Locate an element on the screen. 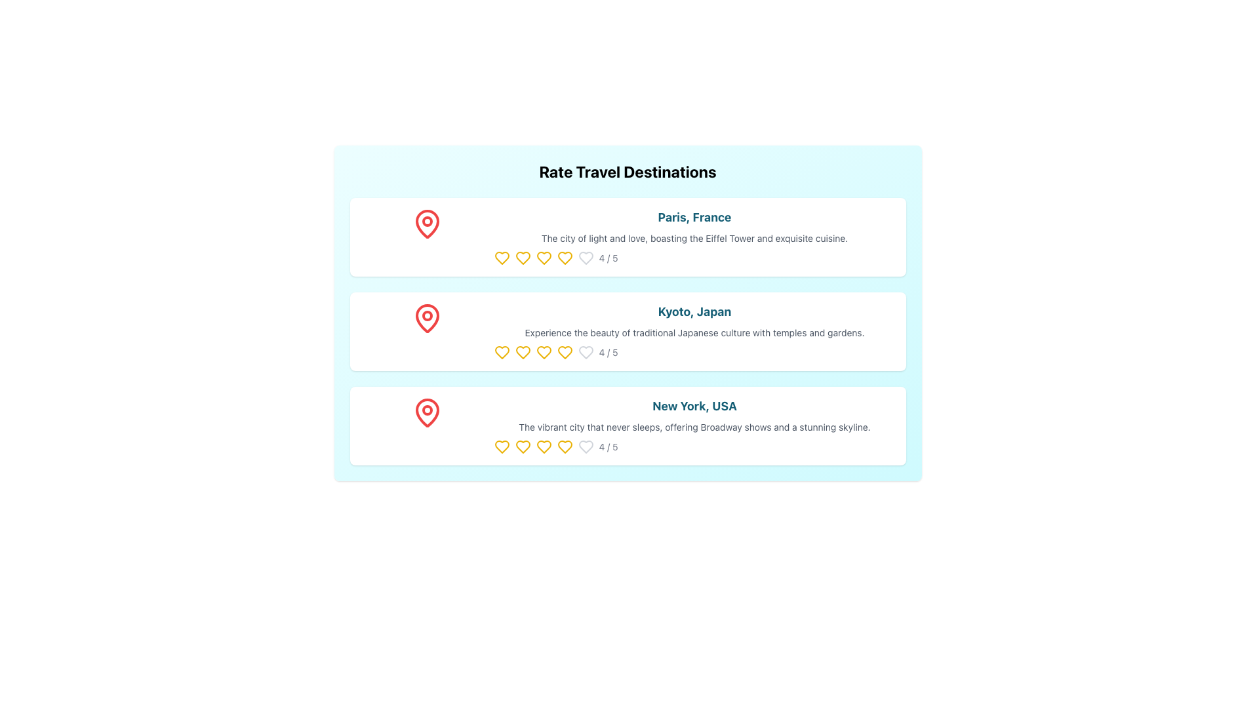 Image resolution: width=1259 pixels, height=708 pixels. the fourth heart-shaped rating icon below the text description for 'Paris, France' is located at coordinates (565, 258).